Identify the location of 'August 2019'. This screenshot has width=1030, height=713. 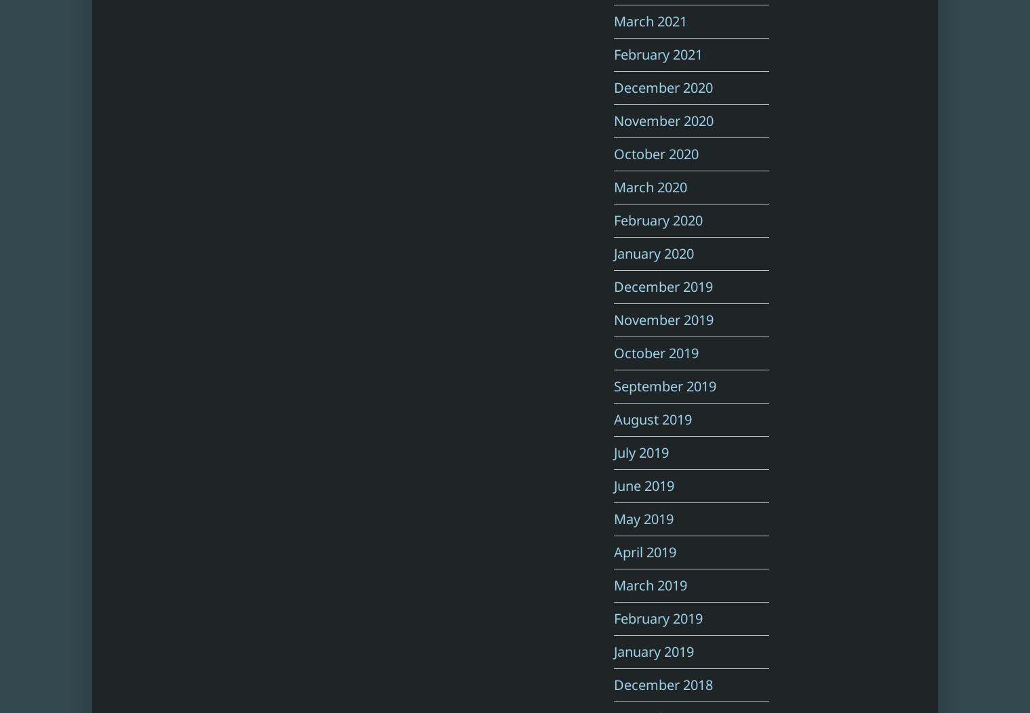
(614, 419).